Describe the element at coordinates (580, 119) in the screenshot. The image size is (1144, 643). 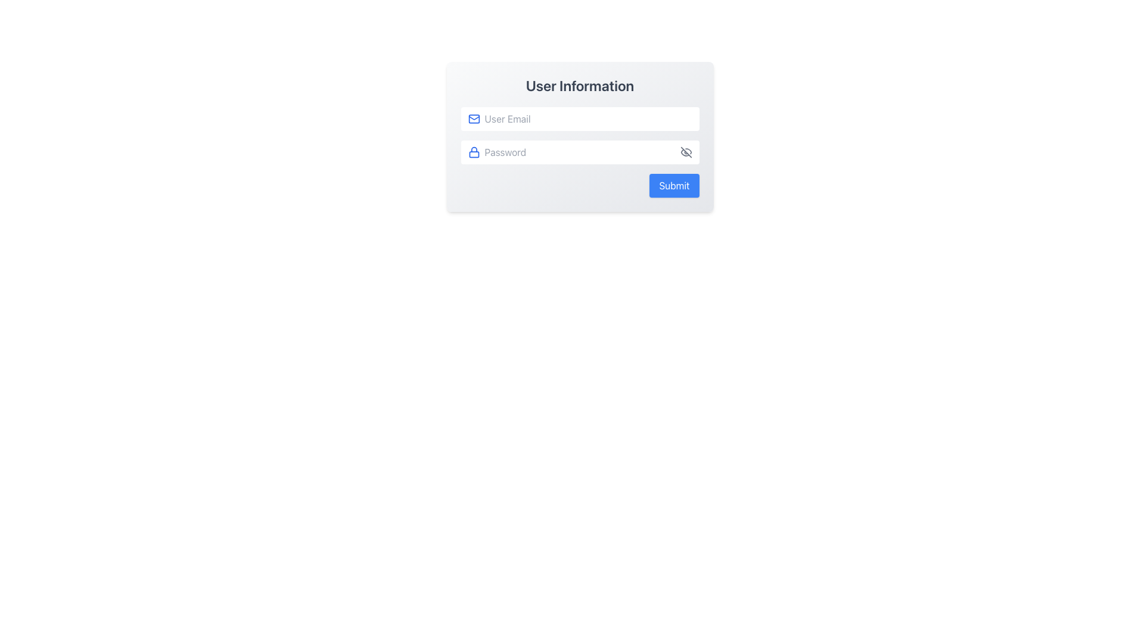
I see `inside the email input field located beneath the 'User Information' title` at that location.